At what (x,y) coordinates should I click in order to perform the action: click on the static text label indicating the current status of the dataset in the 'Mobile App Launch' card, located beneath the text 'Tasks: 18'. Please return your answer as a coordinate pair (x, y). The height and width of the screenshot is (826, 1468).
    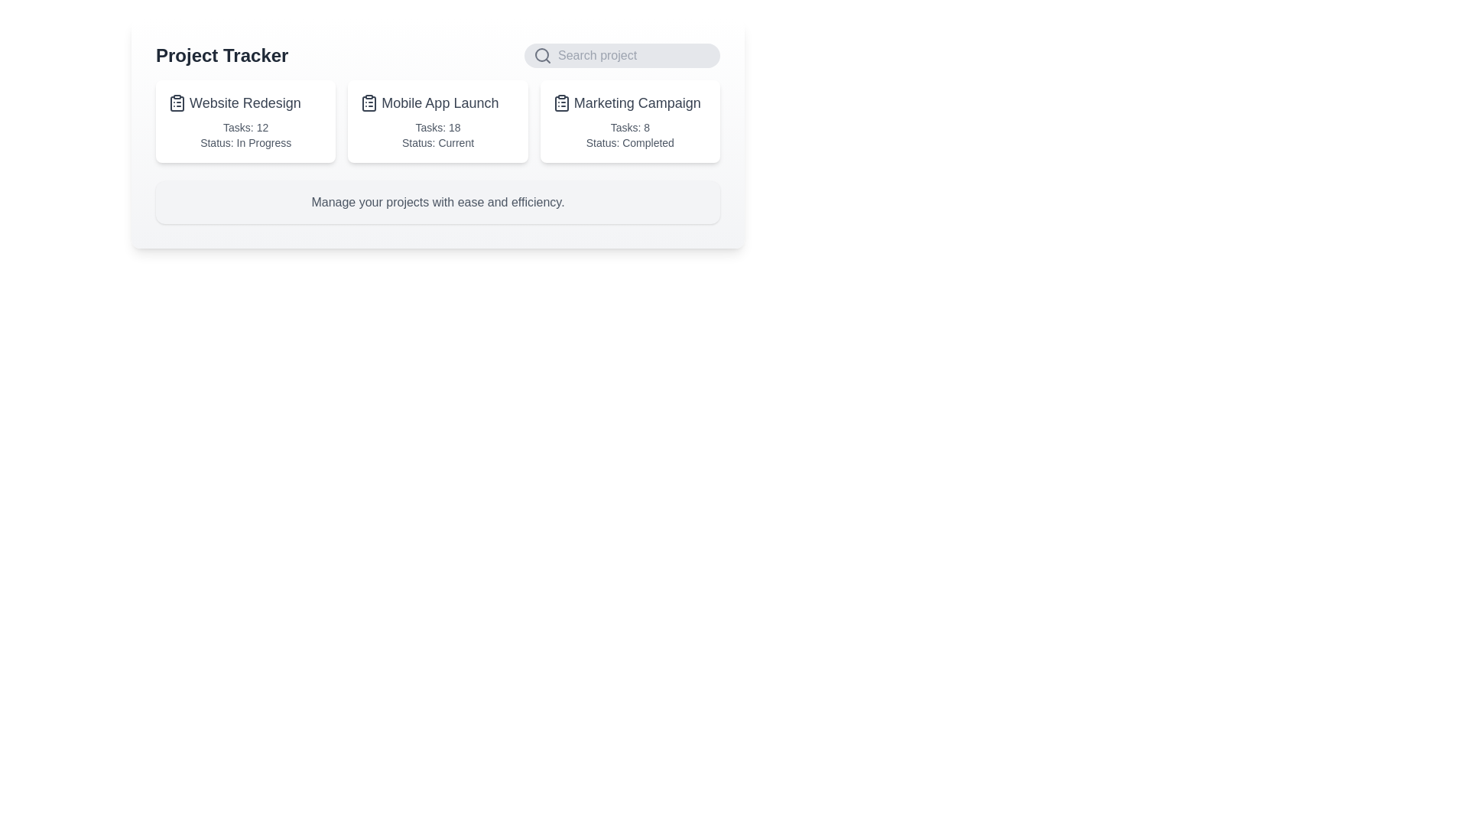
    Looking at the image, I should click on (437, 142).